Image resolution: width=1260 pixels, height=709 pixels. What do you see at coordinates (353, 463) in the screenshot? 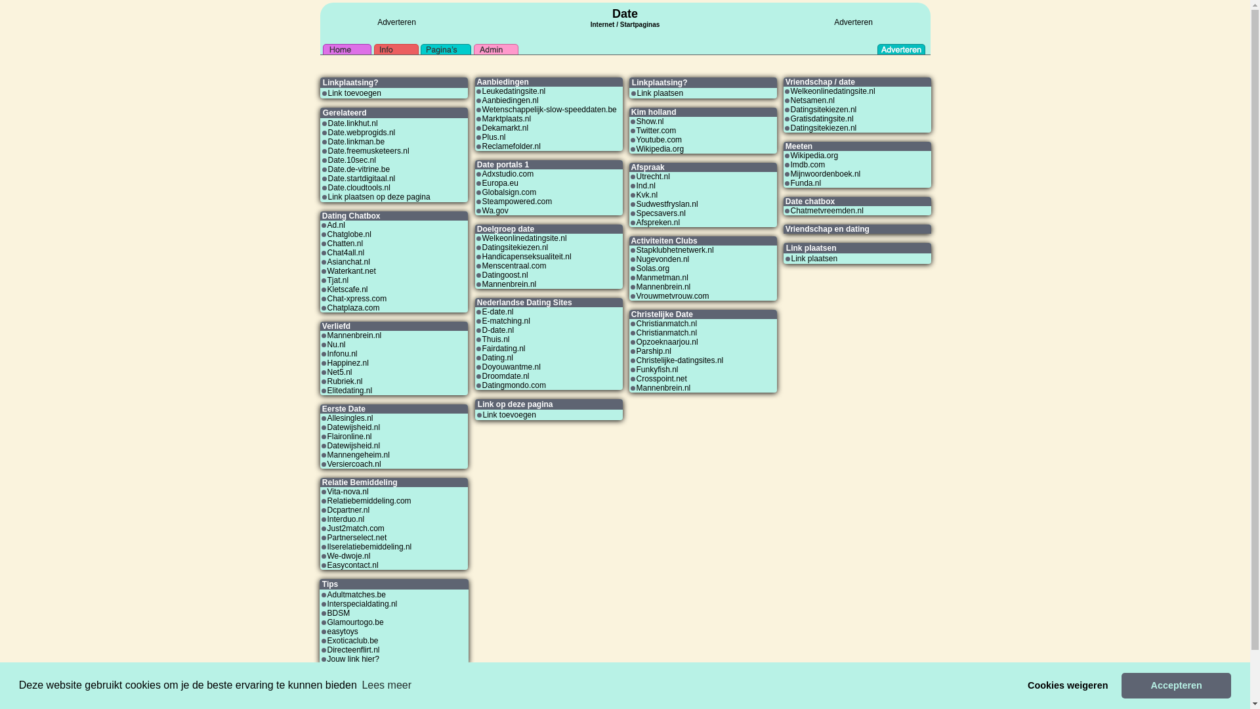
I see `'Versiercoach.nl'` at bounding box center [353, 463].